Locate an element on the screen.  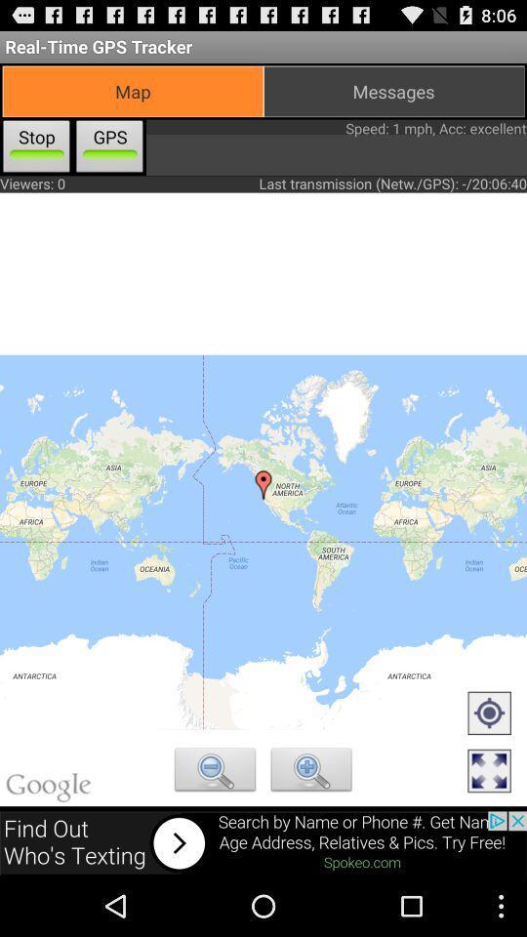
advertisement is located at coordinates (263, 842).